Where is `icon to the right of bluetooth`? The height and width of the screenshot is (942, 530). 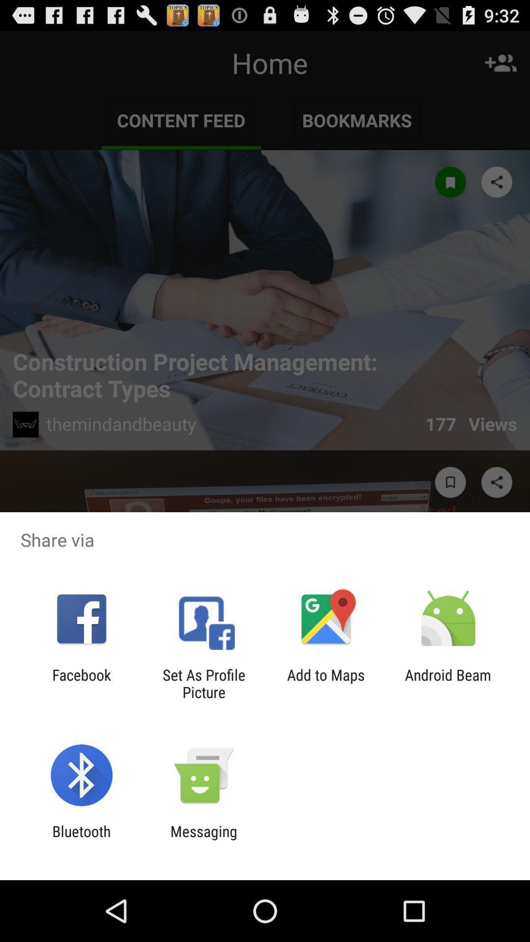 icon to the right of bluetooth is located at coordinates (203, 839).